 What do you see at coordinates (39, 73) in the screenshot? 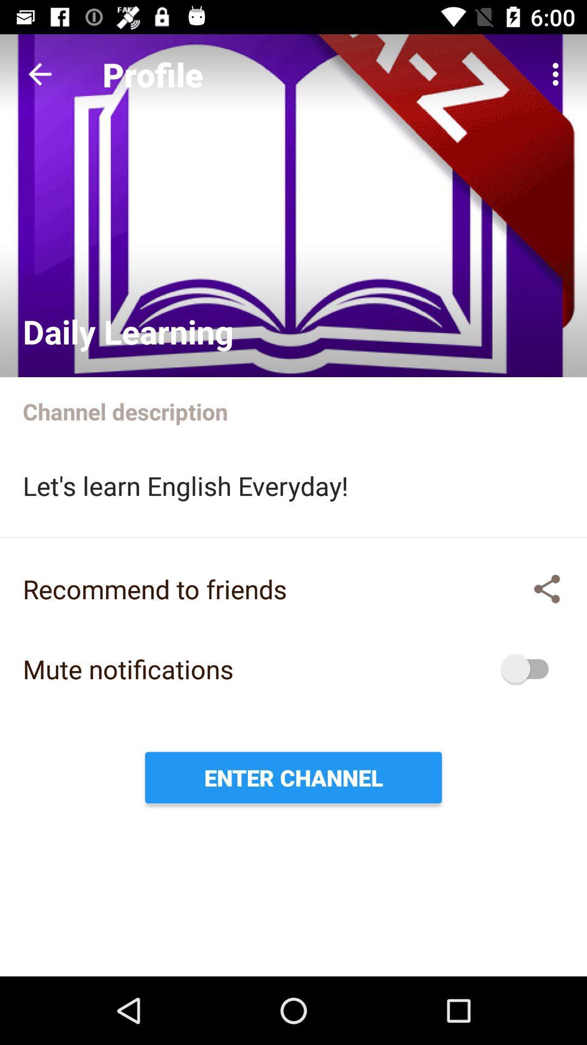
I see `previous` at bounding box center [39, 73].